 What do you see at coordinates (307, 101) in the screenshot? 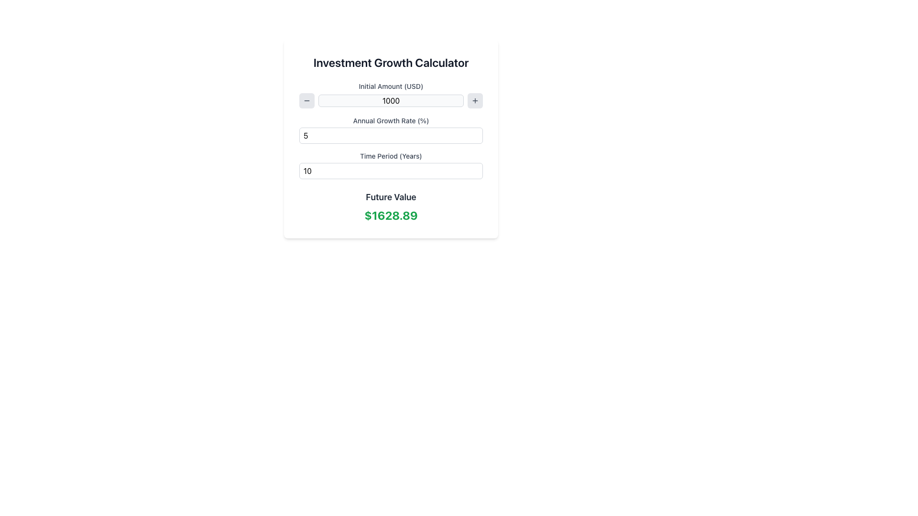
I see `the decrement button located to the left of the input field displaying '1000' to decrease the value` at bounding box center [307, 101].